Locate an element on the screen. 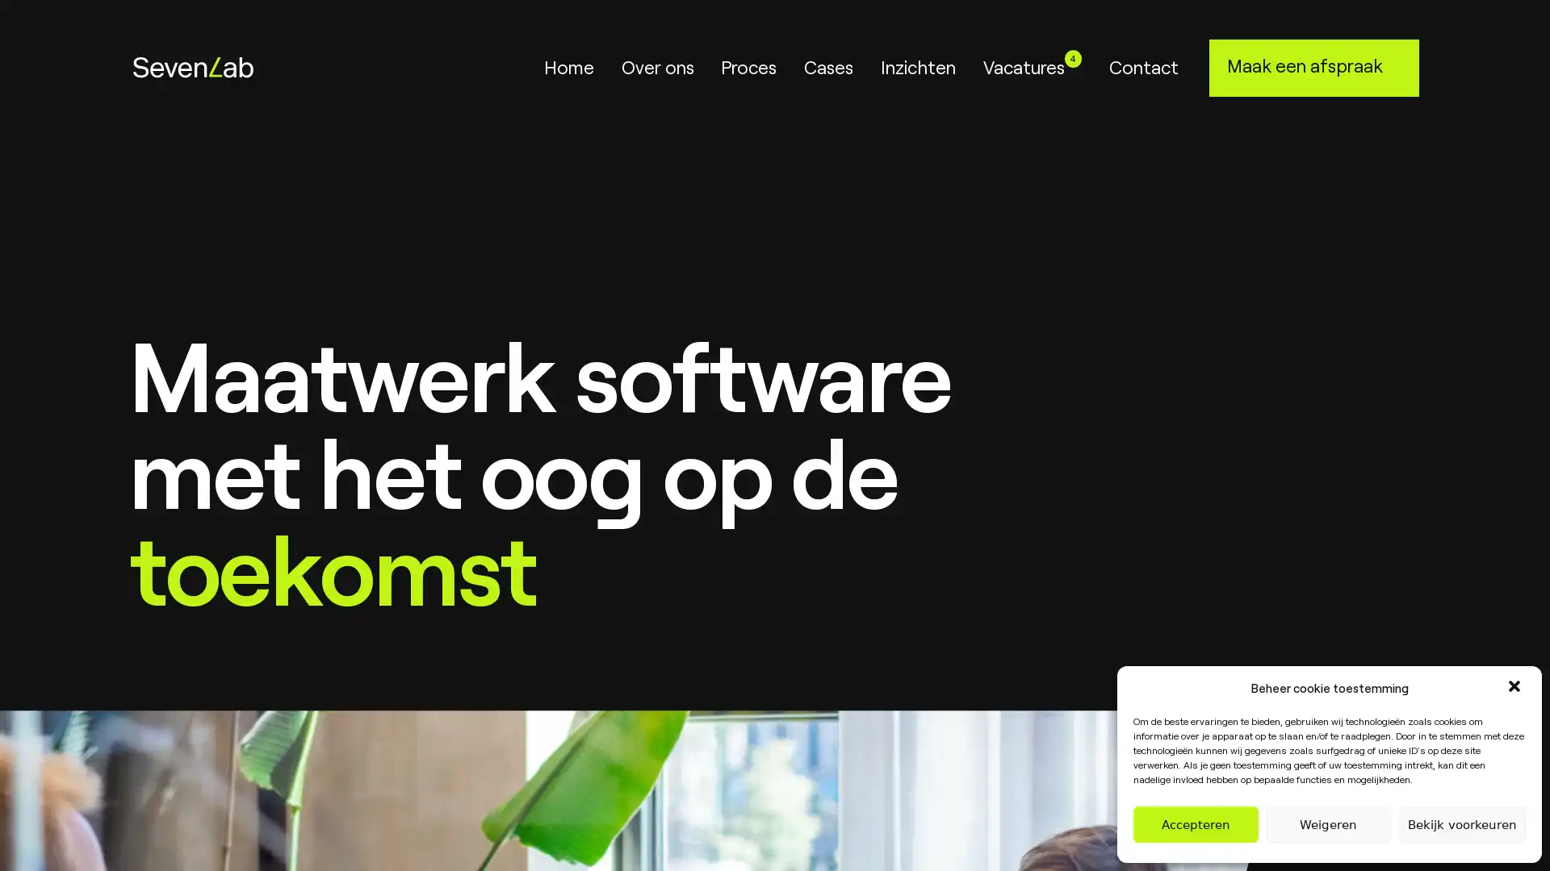 This screenshot has width=1550, height=871. Bekijk voorkeuren is located at coordinates (1462, 824).